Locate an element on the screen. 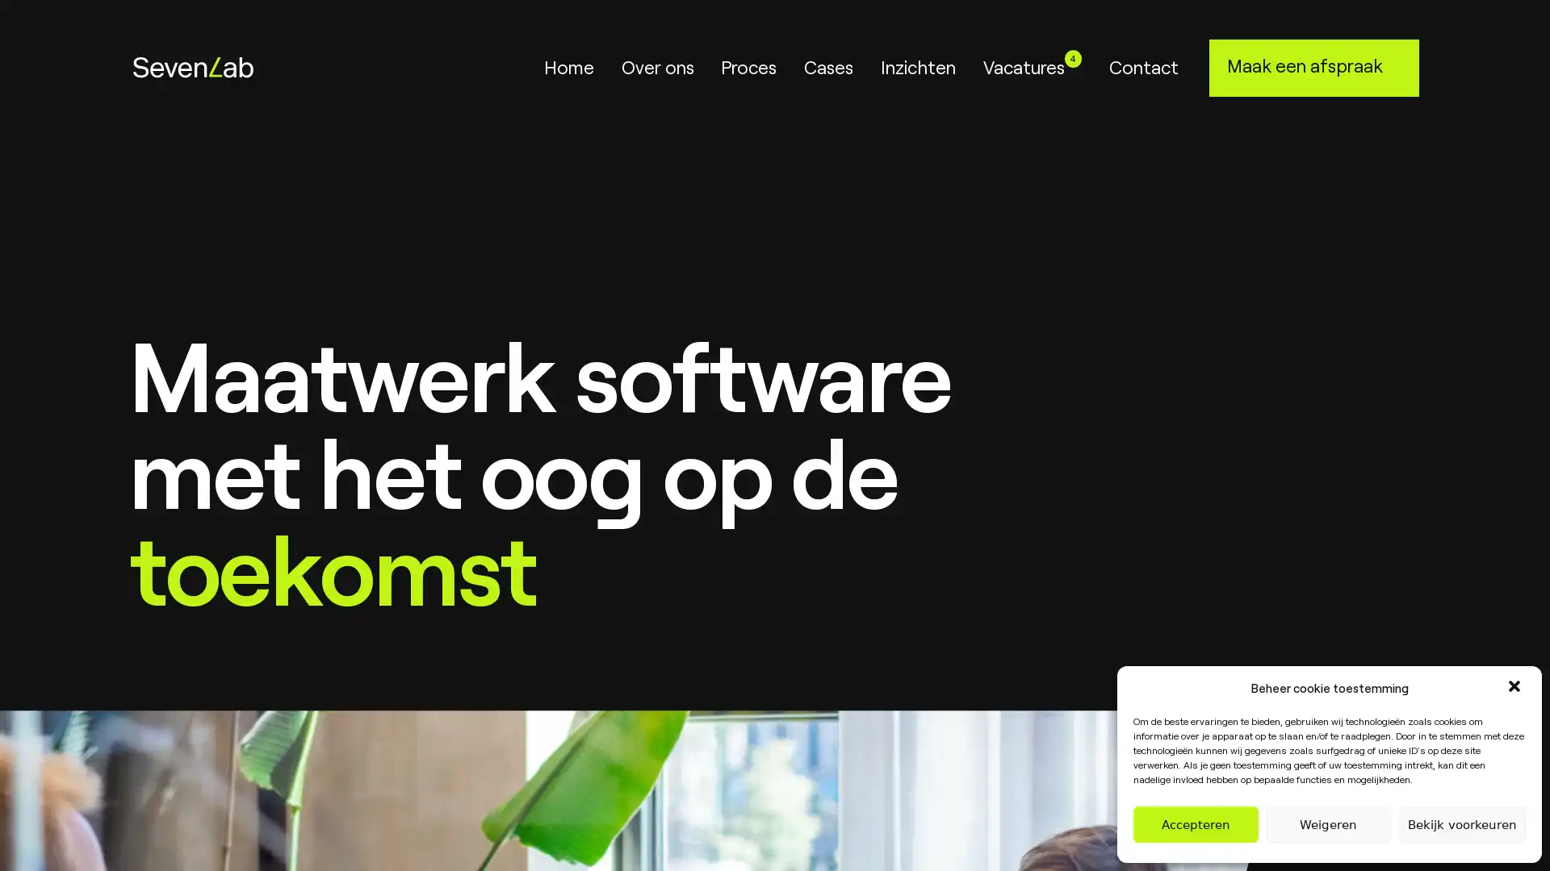 This screenshot has width=1550, height=871. Bekijk voorkeuren is located at coordinates (1462, 824).